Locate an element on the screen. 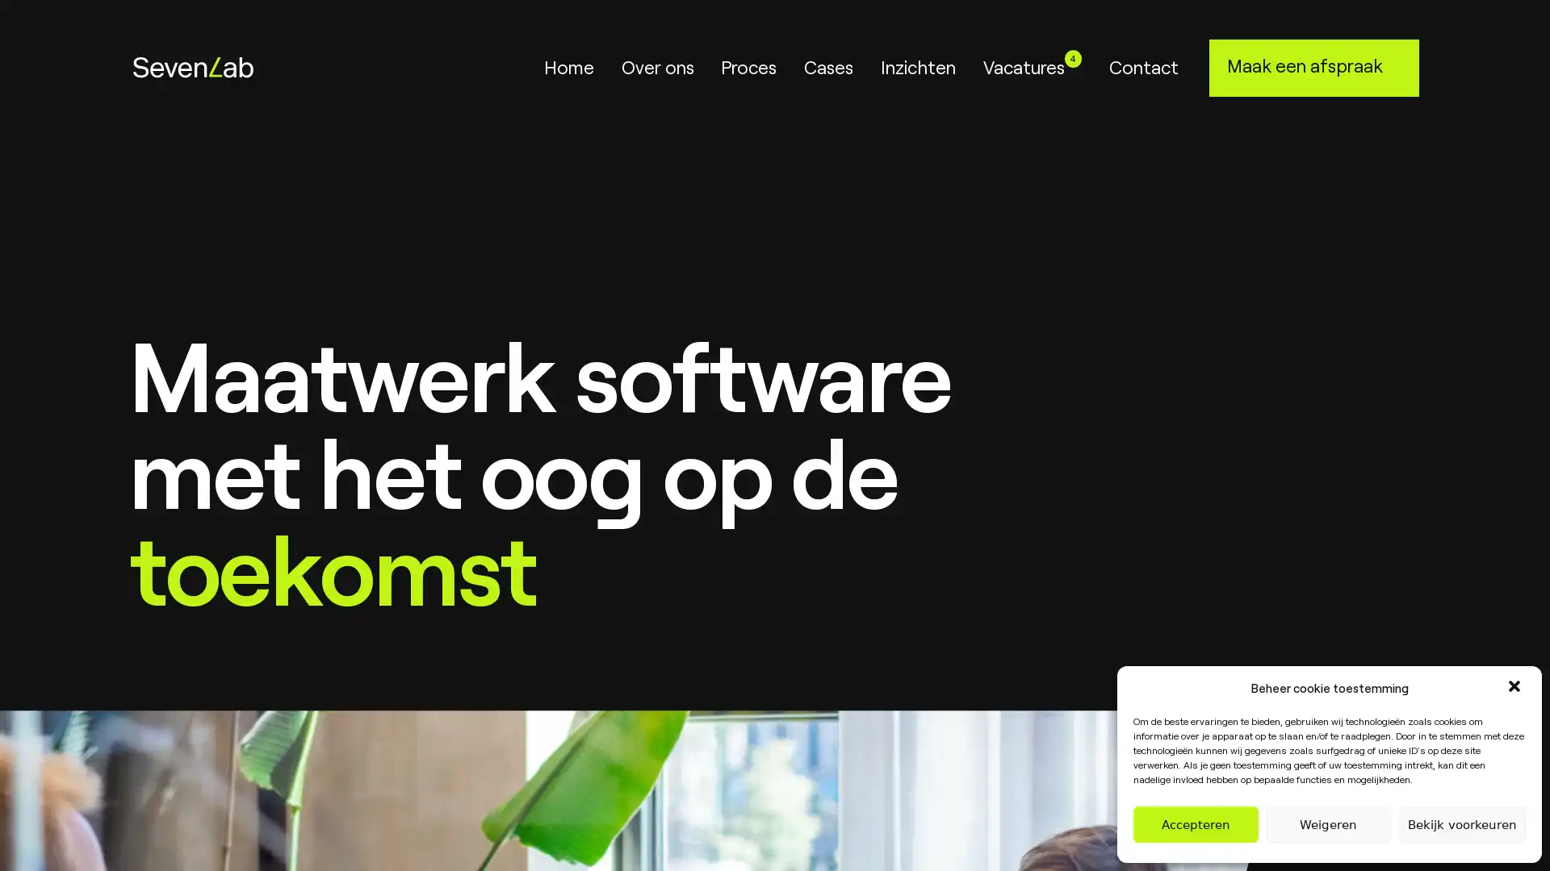 This screenshot has width=1550, height=871. Bekijk voorkeuren is located at coordinates (1462, 824).